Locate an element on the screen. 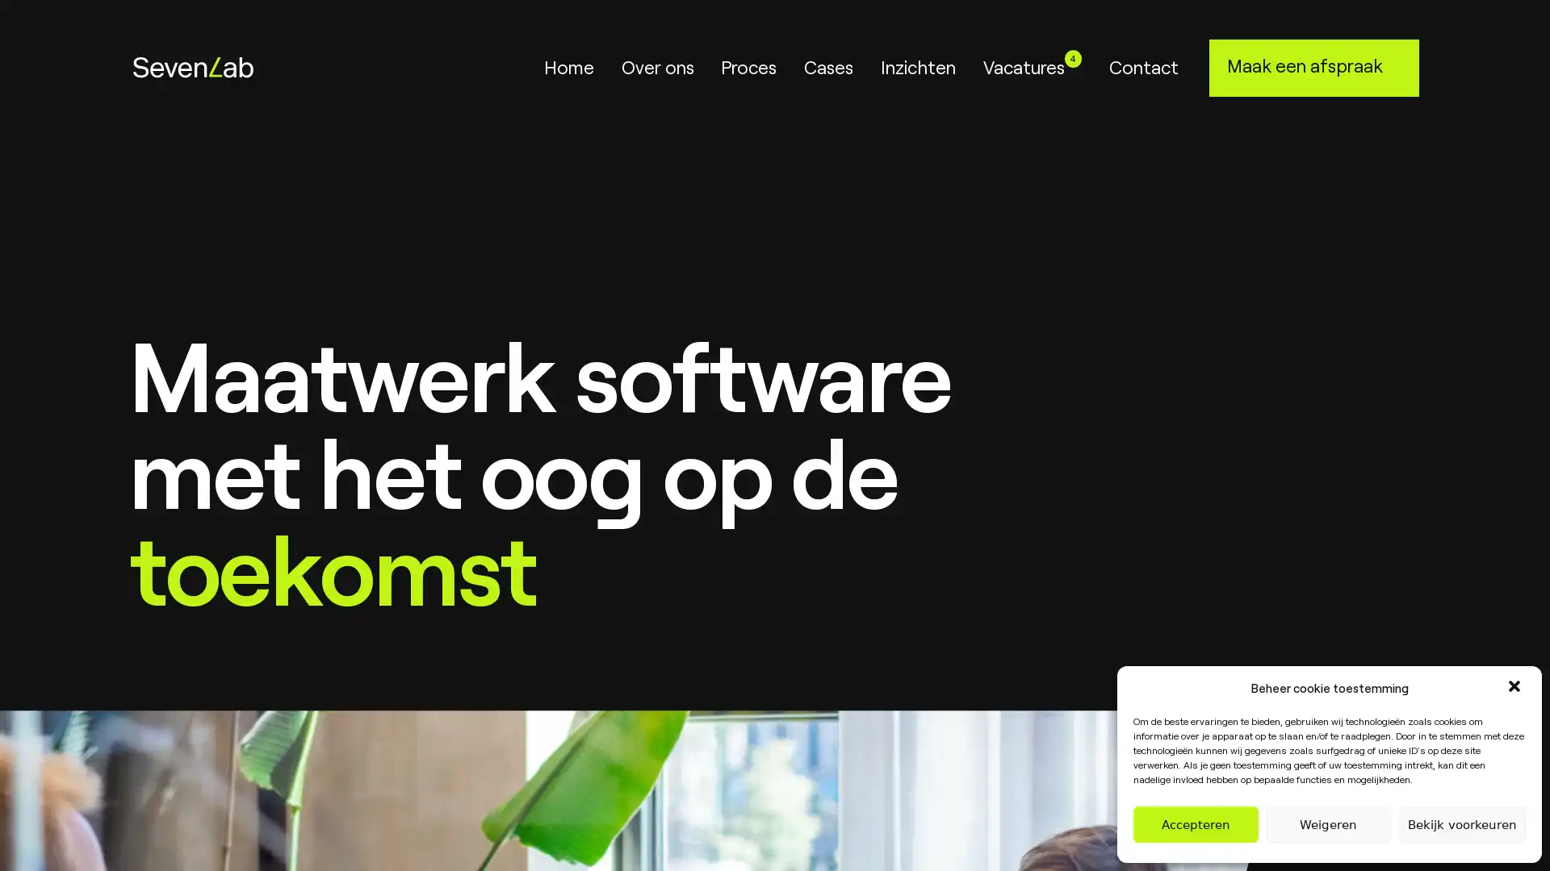 This screenshot has width=1550, height=871. Bekijk voorkeuren is located at coordinates (1462, 824).